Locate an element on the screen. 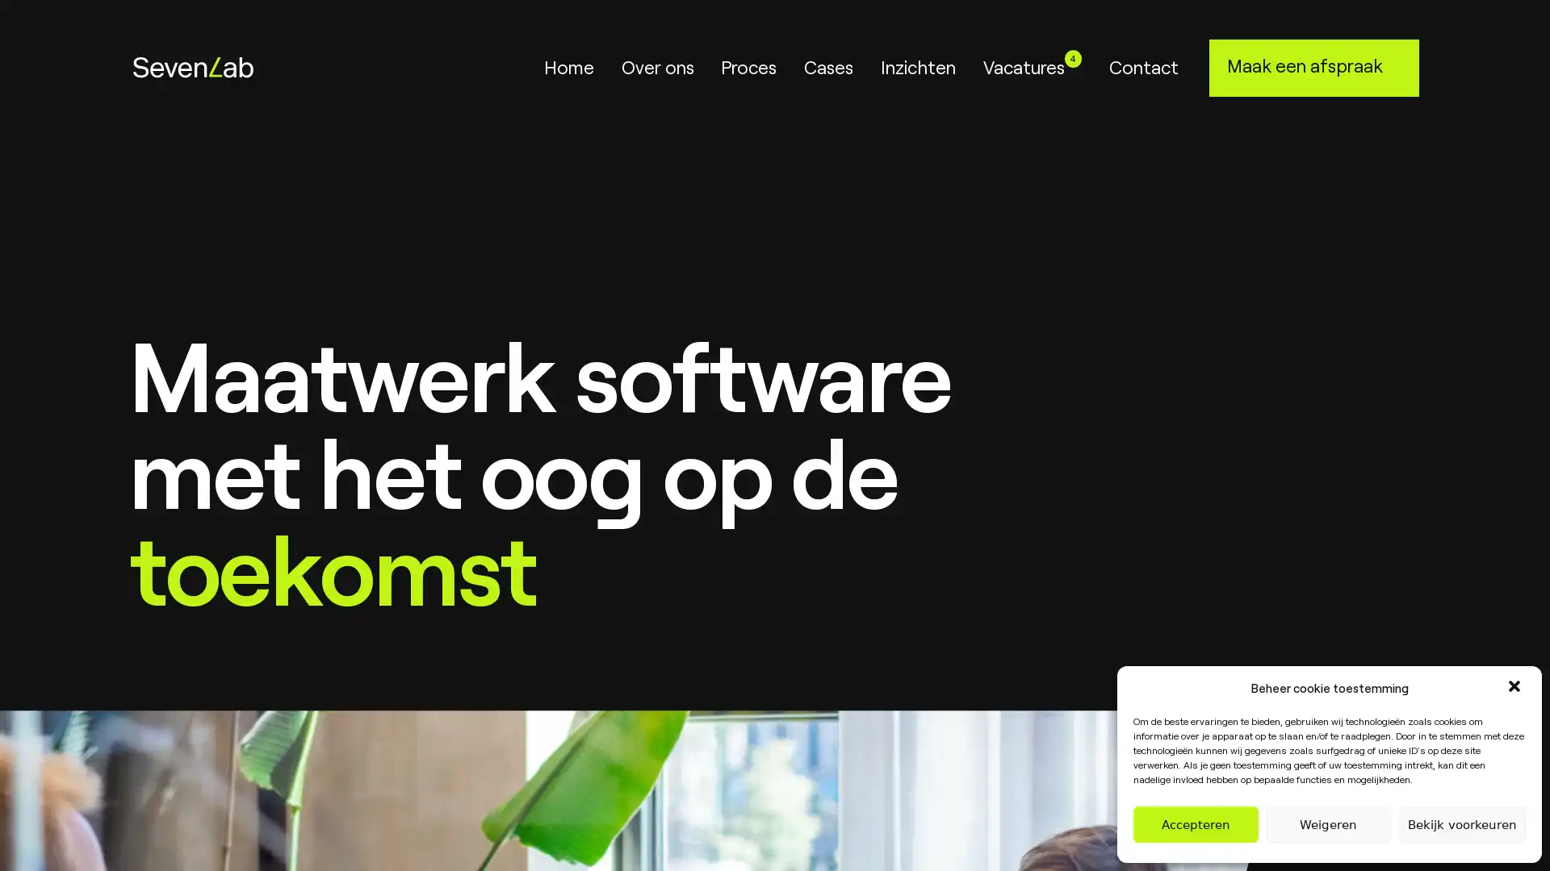 This screenshot has width=1550, height=871. Bekijk voorkeuren is located at coordinates (1462, 824).